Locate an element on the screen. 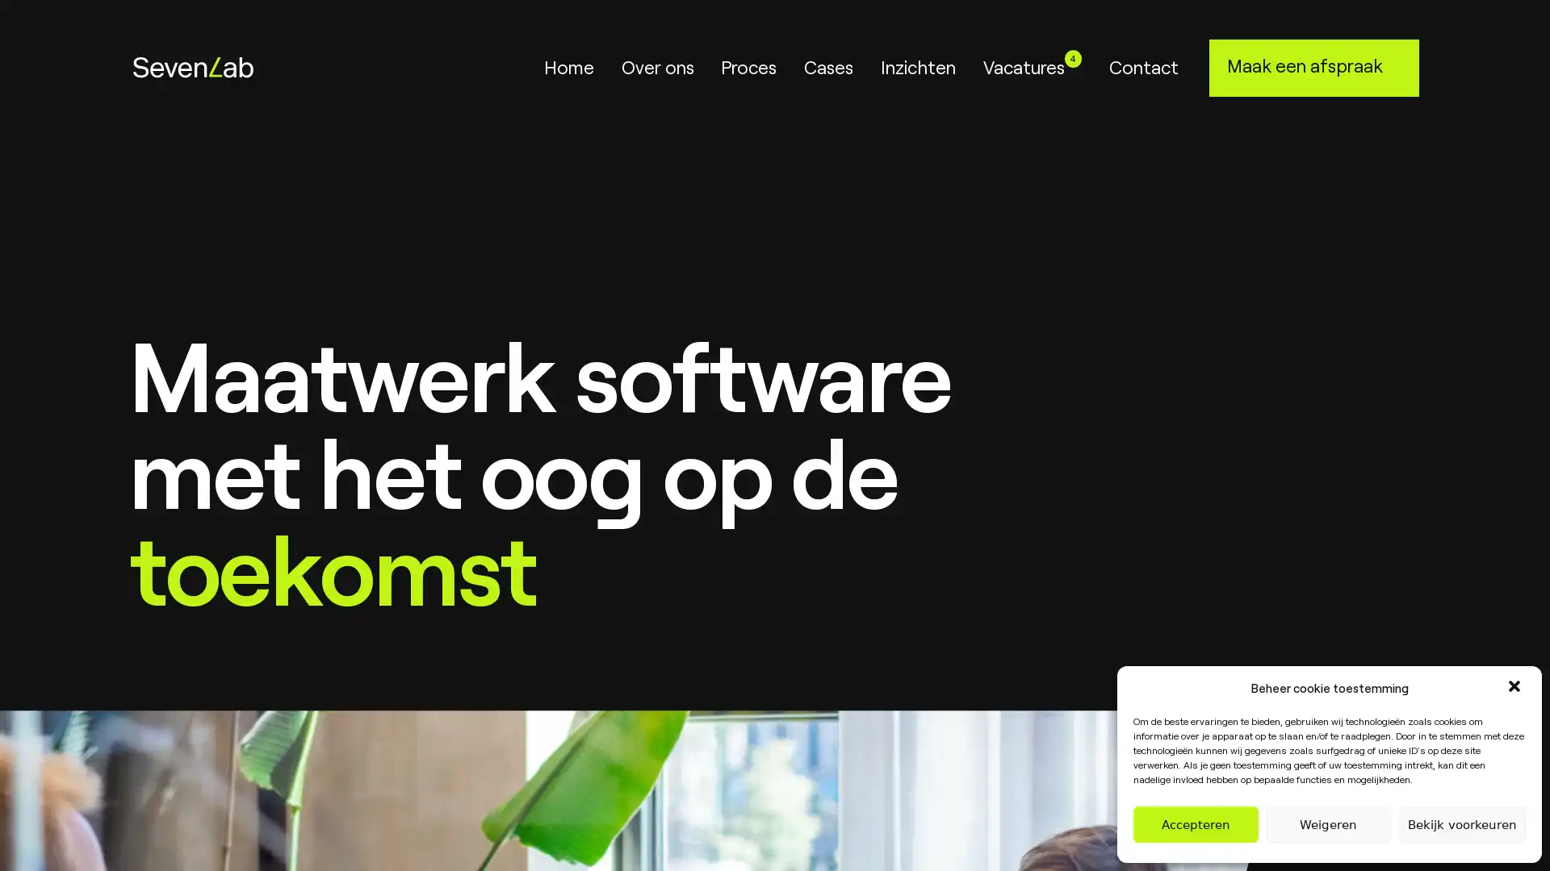 This screenshot has width=1550, height=871. Bekijk voorkeuren is located at coordinates (1462, 824).